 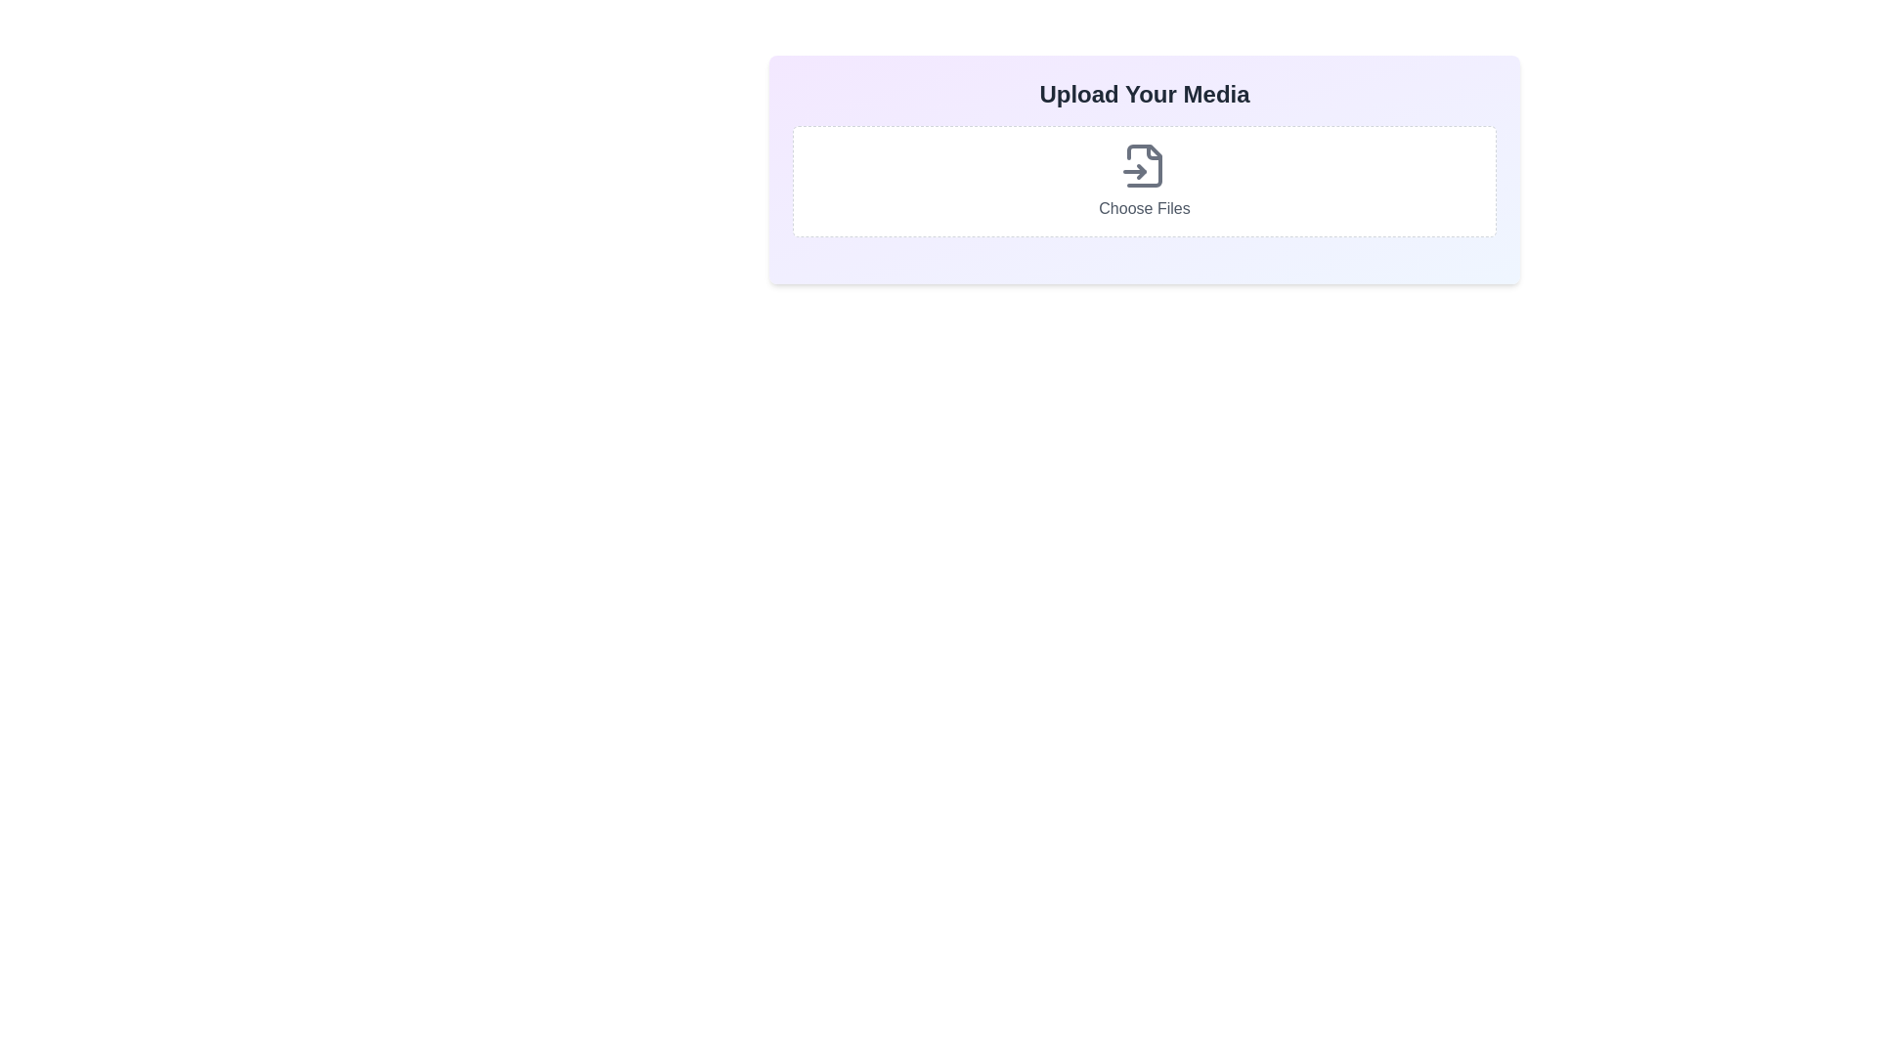 I want to click on the SVG-based file input icon which is centered within a white rectangular area with dashed borders, located above the 'Choose Files' text, so click(x=1145, y=164).